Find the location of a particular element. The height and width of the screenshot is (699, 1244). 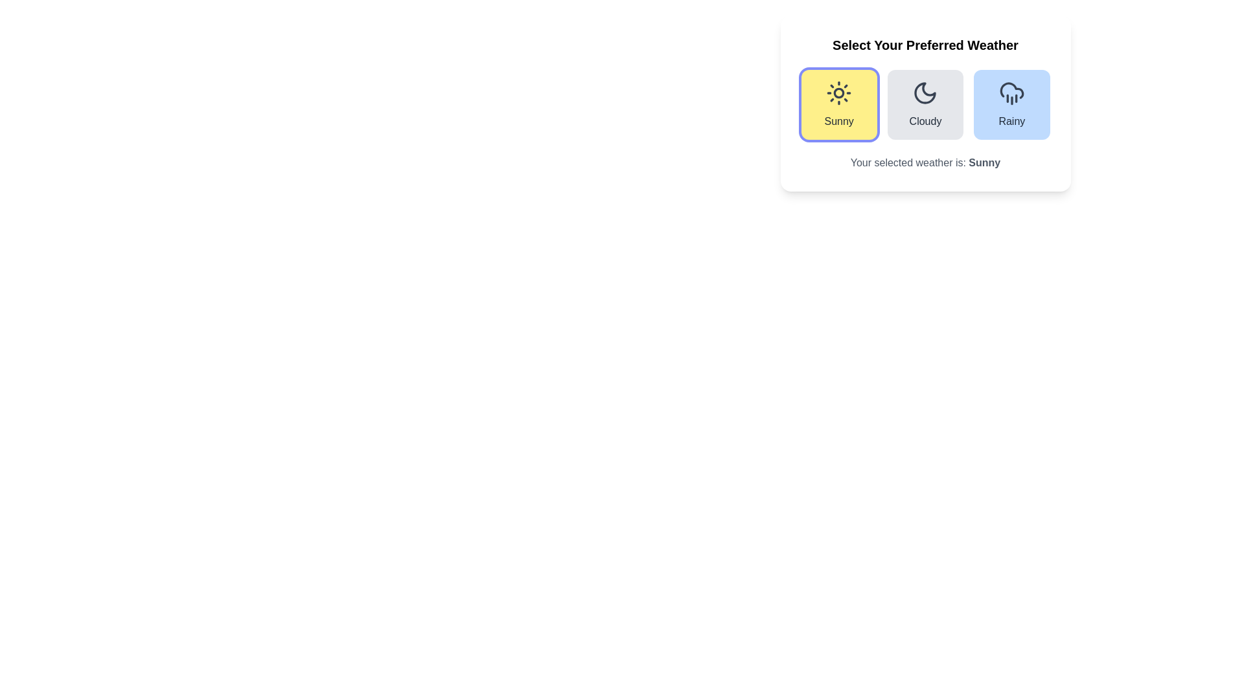

the text label displaying 'Cloudy' in gray color, located under the crescent moon icon within the second weather card is located at coordinates (925, 122).